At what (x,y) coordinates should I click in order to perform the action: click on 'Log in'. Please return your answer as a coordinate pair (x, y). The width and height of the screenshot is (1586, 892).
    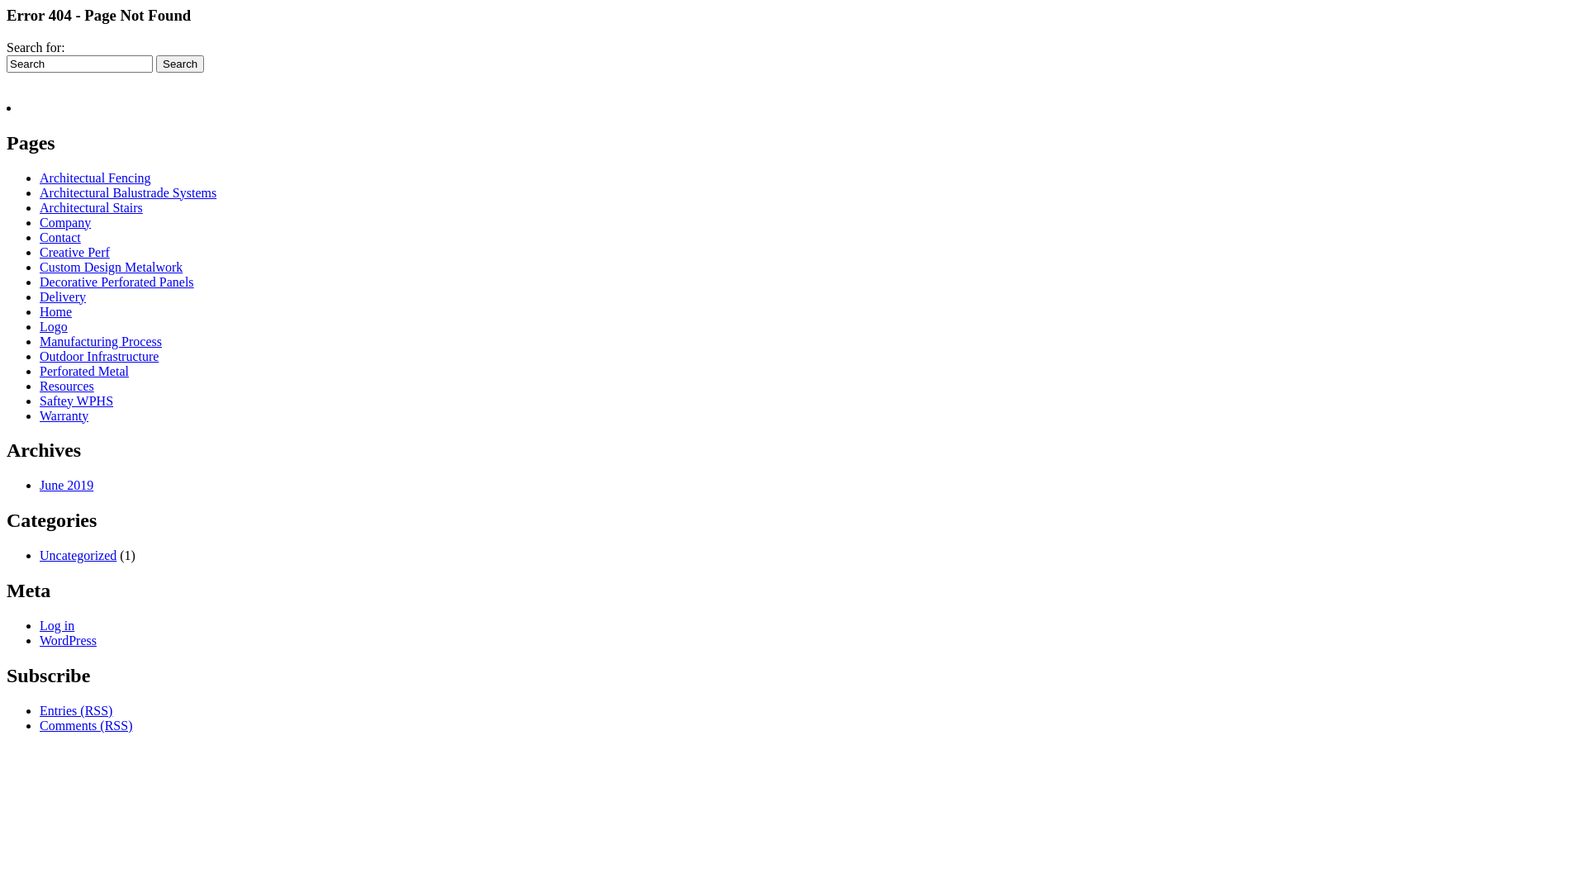
    Looking at the image, I should click on (56, 625).